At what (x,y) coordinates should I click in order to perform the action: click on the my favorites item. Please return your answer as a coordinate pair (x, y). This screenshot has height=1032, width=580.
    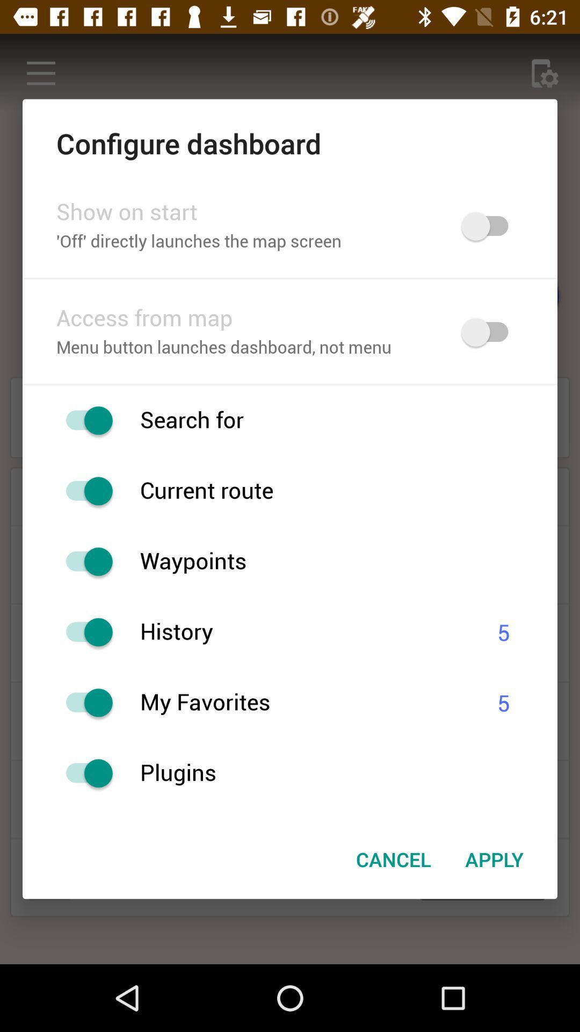
    Looking at the image, I should click on (305, 703).